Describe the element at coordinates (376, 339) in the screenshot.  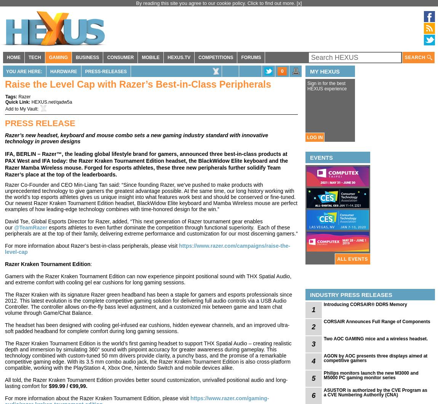
I see `'Two AOC GAMING mice and a wireless headset.'` at that location.